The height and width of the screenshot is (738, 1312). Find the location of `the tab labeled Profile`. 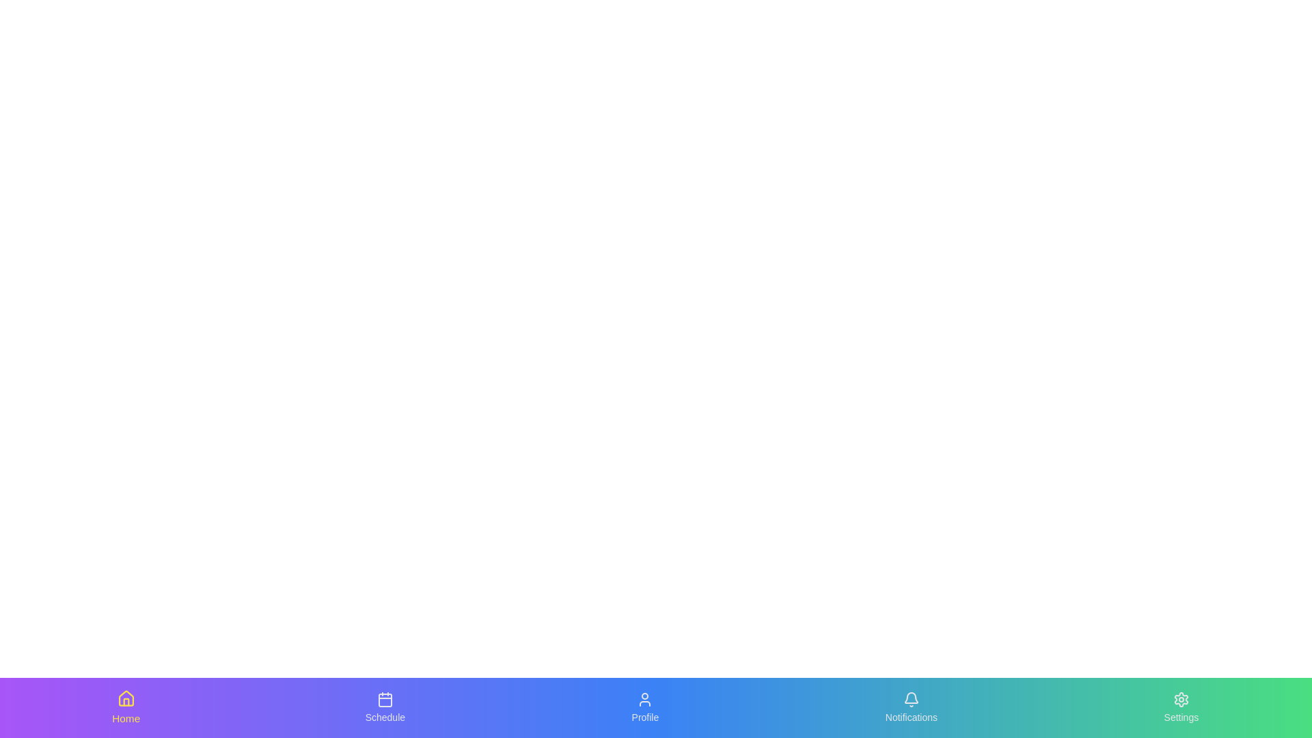

the tab labeled Profile is located at coordinates (644, 707).